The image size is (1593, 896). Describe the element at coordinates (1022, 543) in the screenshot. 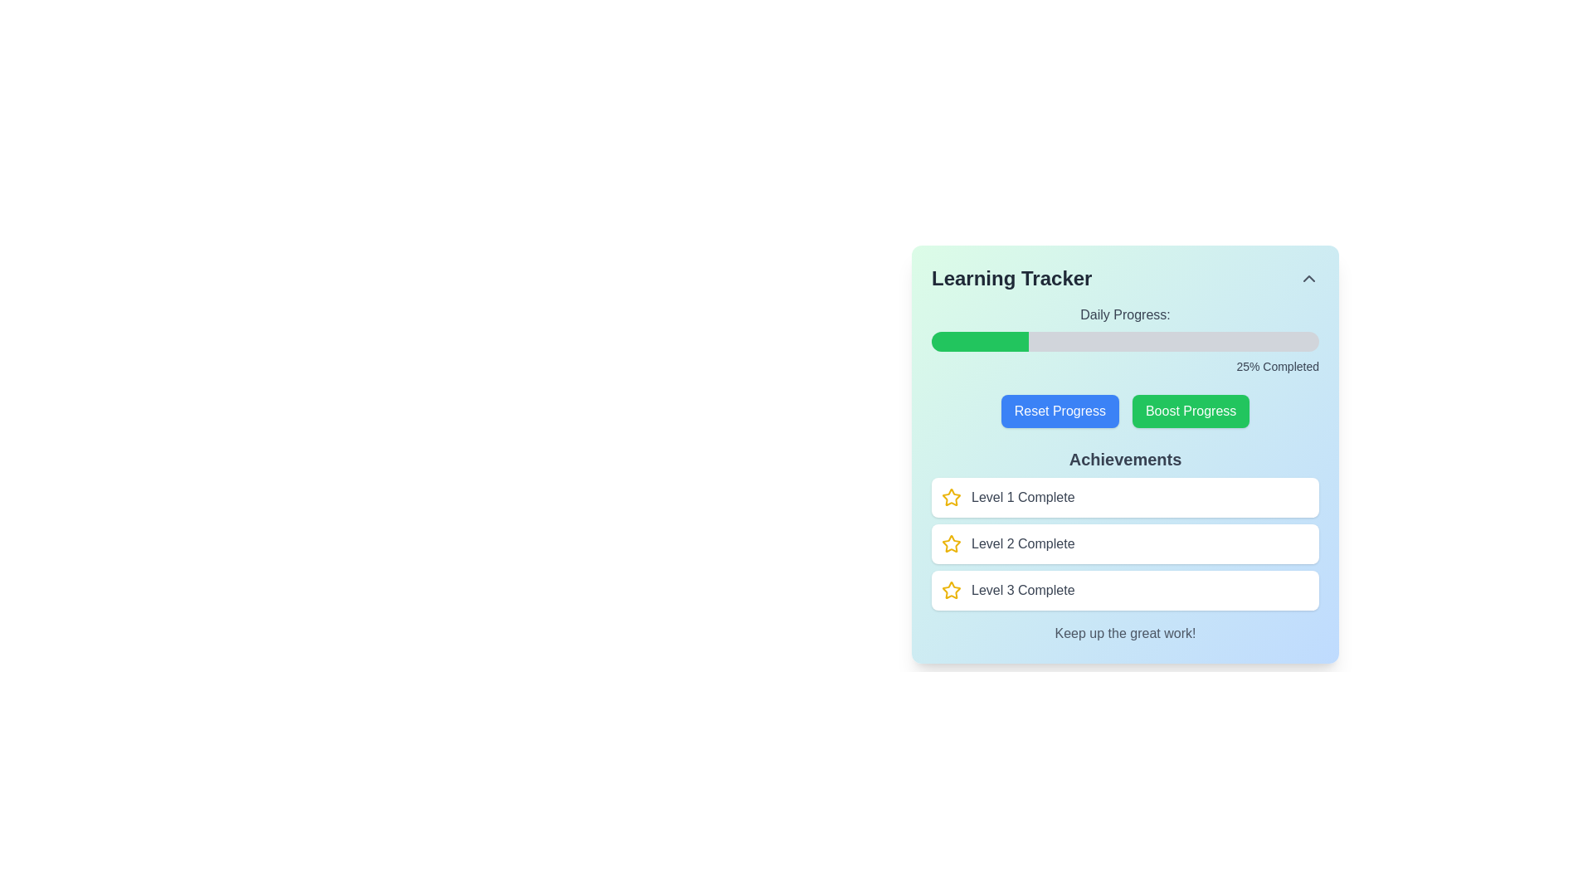

I see `the static text label displaying 'Level 2 Complete', which is the second entry in the list of achievements` at that location.